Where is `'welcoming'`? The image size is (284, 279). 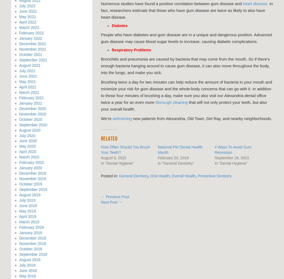 'welcoming' is located at coordinates (122, 118).